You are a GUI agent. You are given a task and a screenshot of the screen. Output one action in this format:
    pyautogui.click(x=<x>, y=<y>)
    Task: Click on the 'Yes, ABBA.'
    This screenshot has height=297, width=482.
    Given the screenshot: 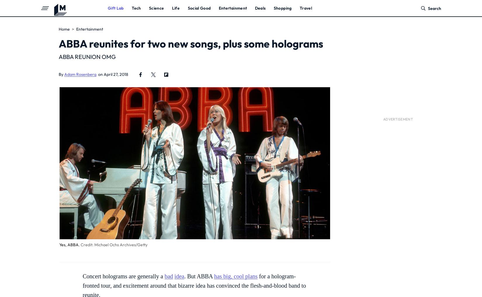 What is the action you would take?
    pyautogui.click(x=69, y=244)
    